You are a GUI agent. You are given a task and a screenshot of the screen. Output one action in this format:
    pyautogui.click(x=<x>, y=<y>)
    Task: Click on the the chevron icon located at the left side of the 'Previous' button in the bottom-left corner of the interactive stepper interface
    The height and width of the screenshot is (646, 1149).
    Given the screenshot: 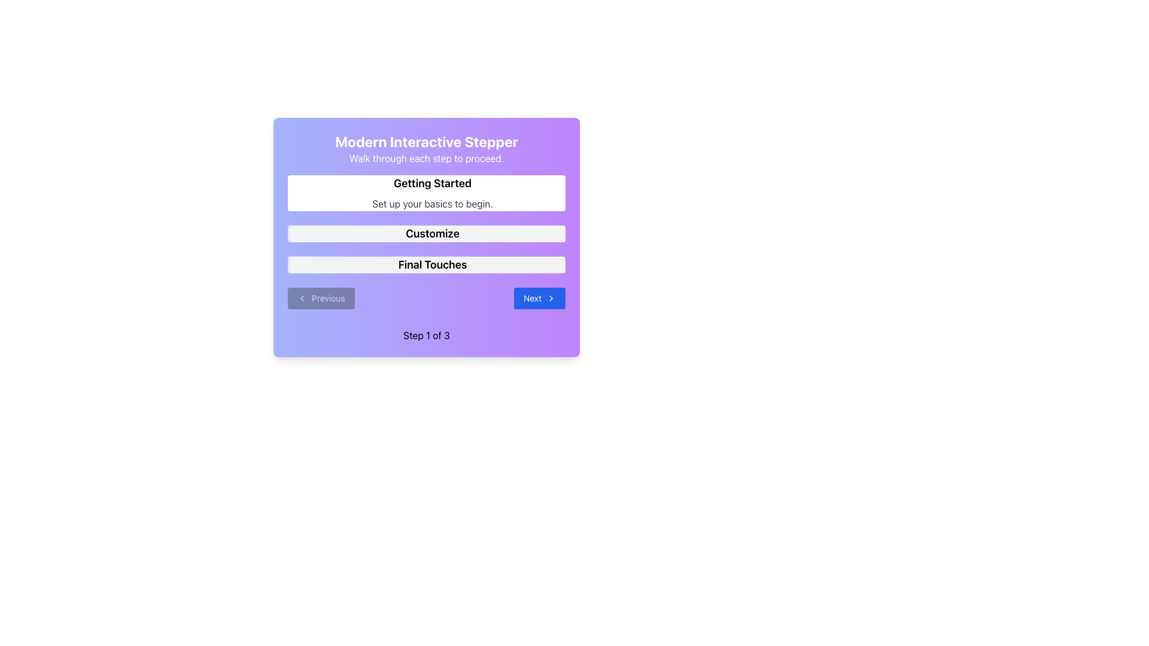 What is the action you would take?
    pyautogui.click(x=302, y=297)
    